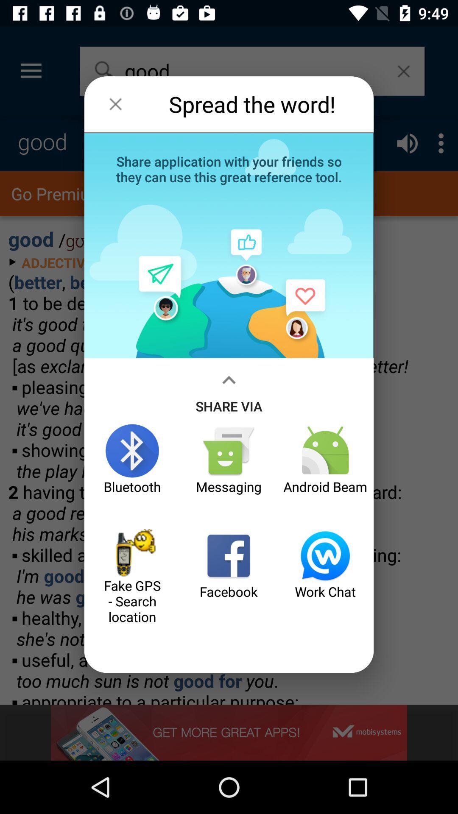 This screenshot has width=458, height=814. I want to click on share application with, so click(229, 168).